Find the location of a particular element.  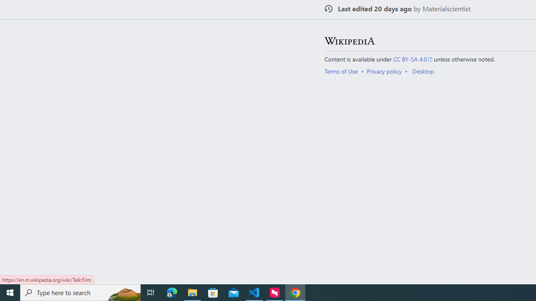

'Privacy policy' is located at coordinates (384, 70).